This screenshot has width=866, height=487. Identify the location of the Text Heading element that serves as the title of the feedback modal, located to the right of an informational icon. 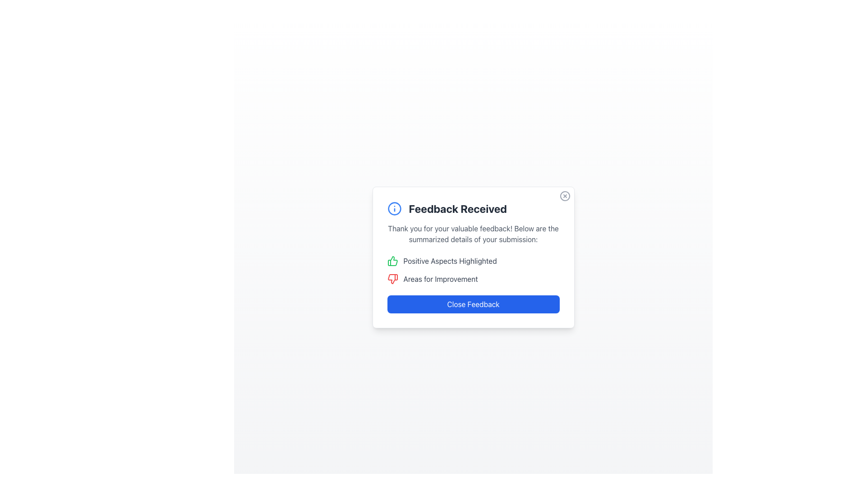
(458, 208).